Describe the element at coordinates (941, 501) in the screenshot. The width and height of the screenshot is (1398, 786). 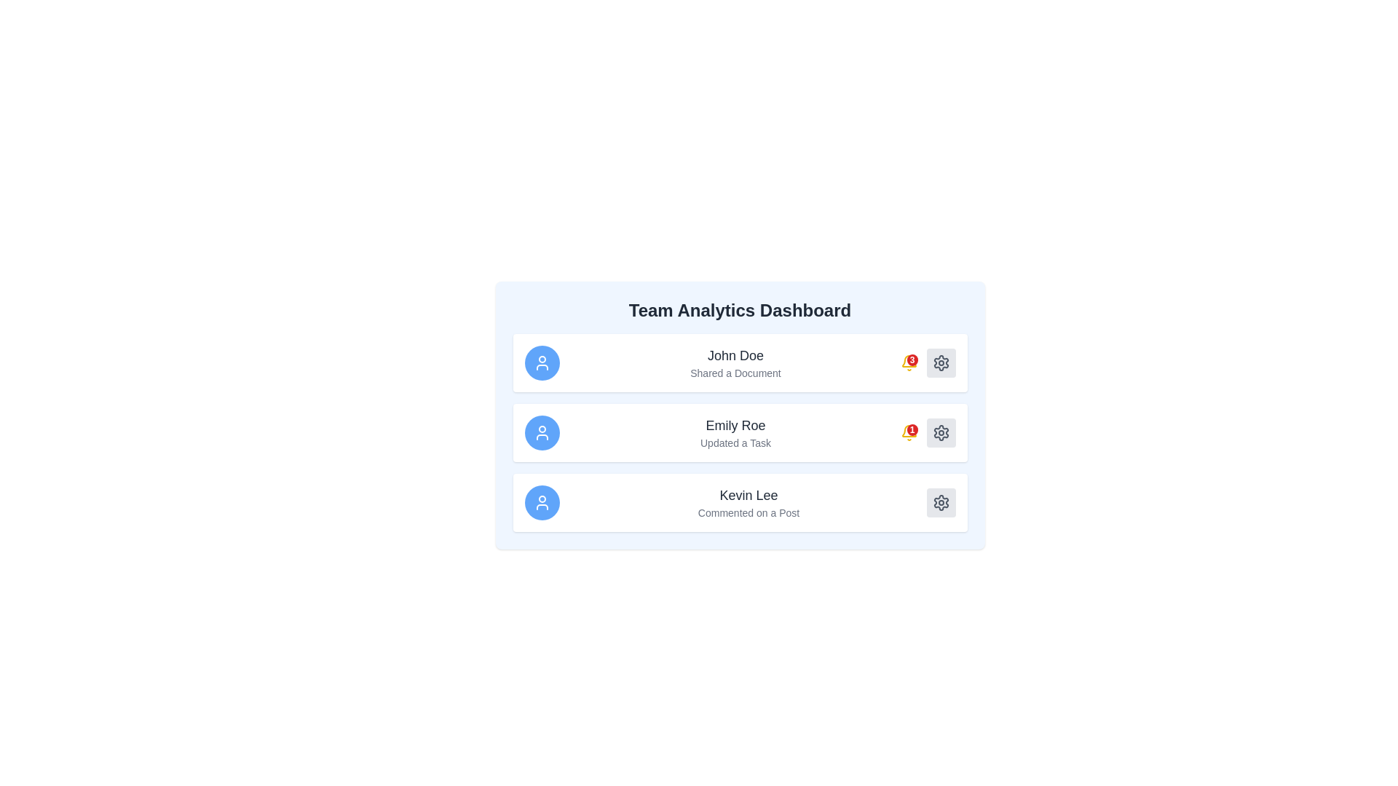
I see `the settings button located to the right of the list item labeled 'Kevin Lee Commented on a Post'` at that location.